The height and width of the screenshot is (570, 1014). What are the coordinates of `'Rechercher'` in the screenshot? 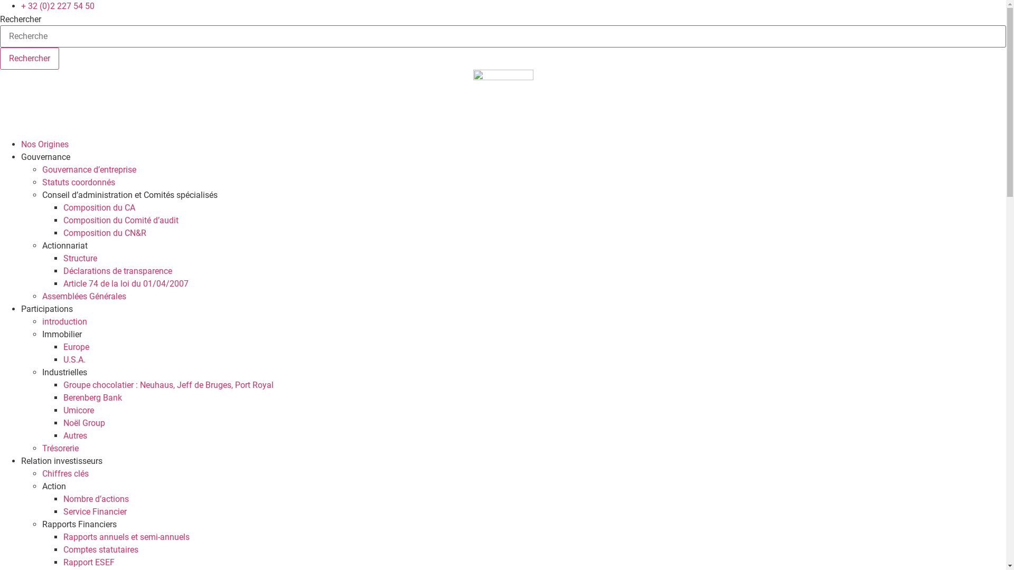 It's located at (30, 59).